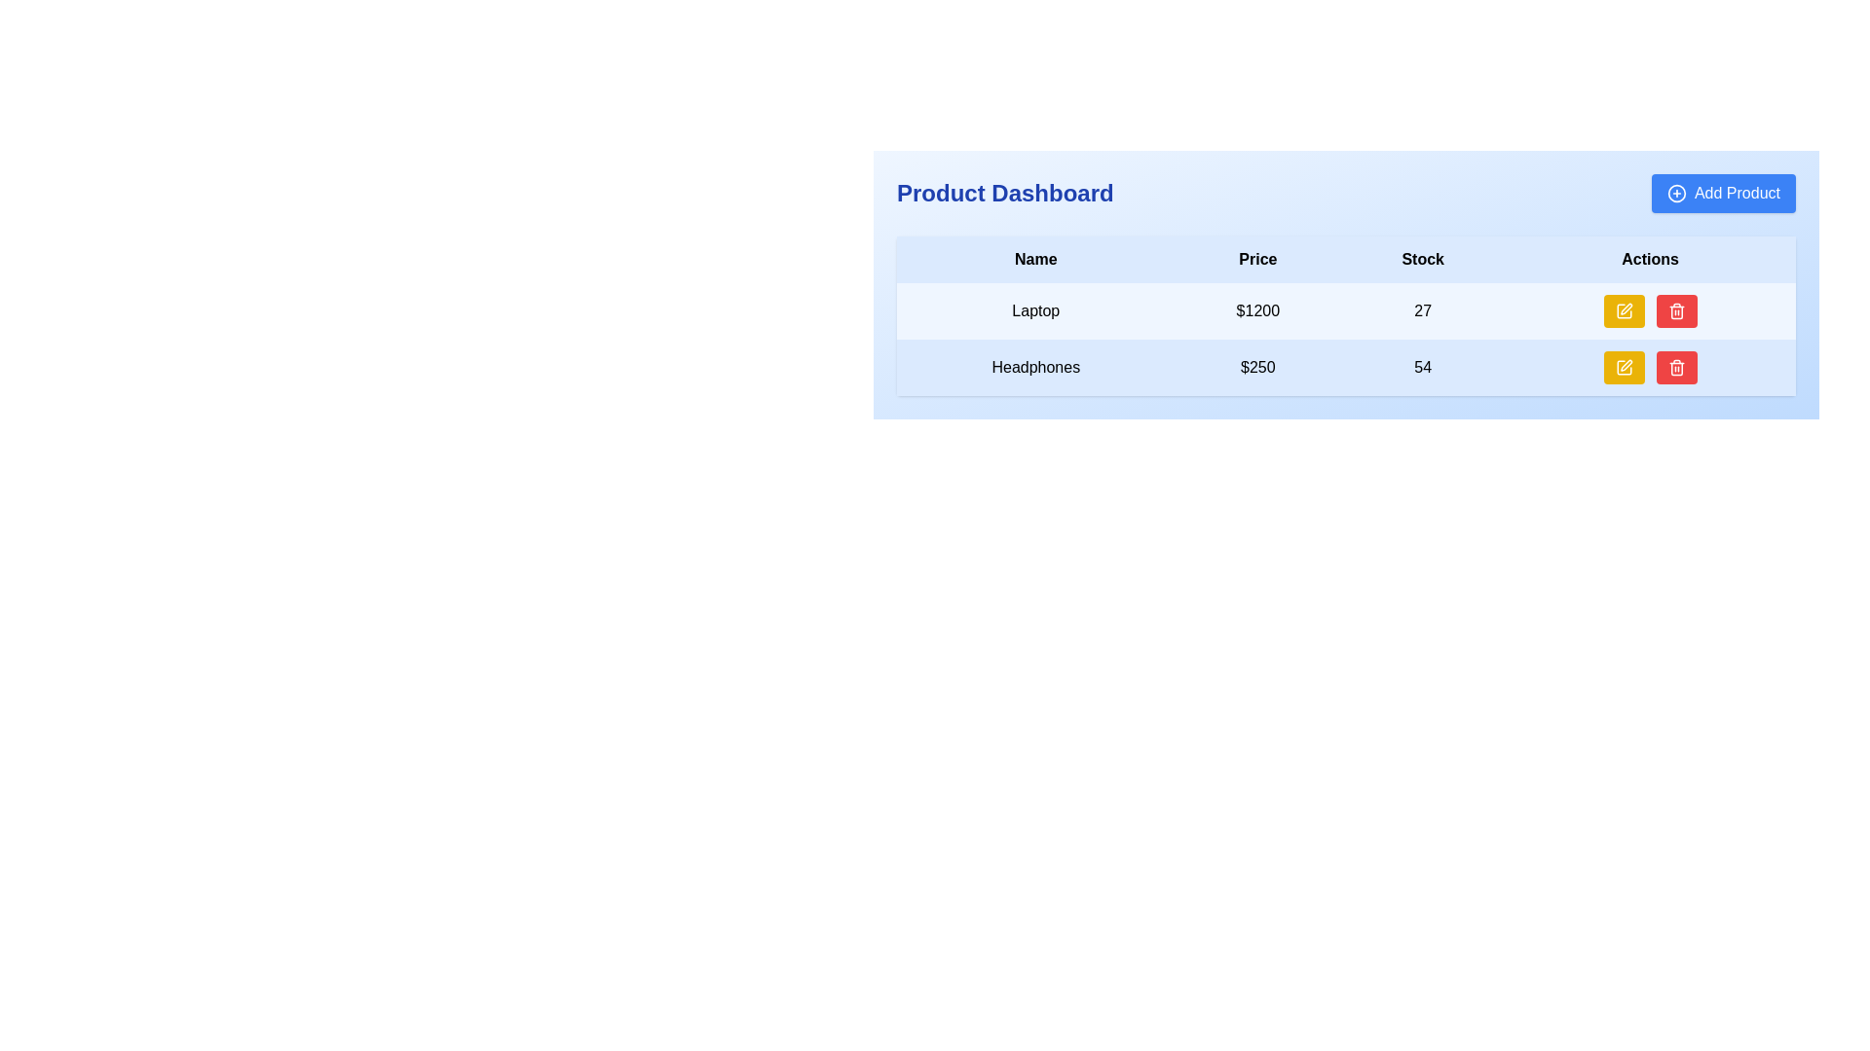  What do you see at coordinates (1675, 194) in the screenshot?
I see `the interactive icon located at the top right corner of the display area` at bounding box center [1675, 194].